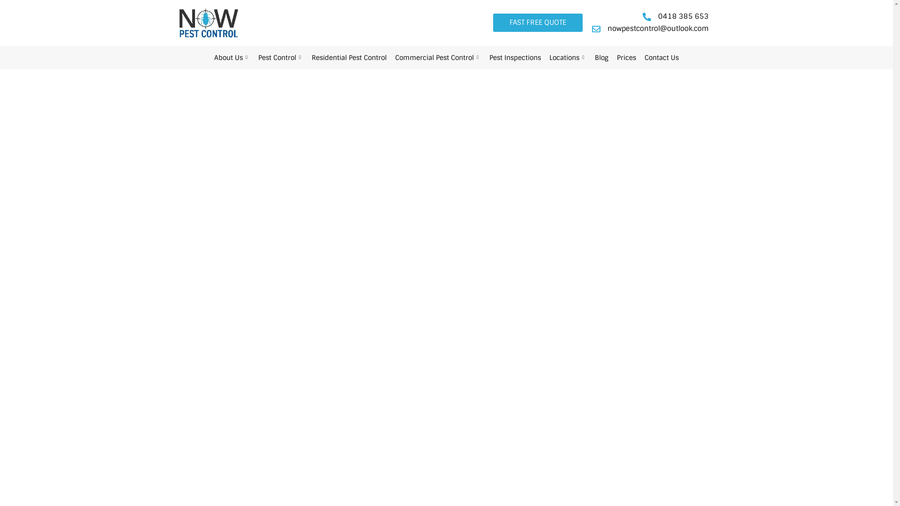 This screenshot has height=506, width=900. I want to click on 'Contact Us', so click(661, 58).